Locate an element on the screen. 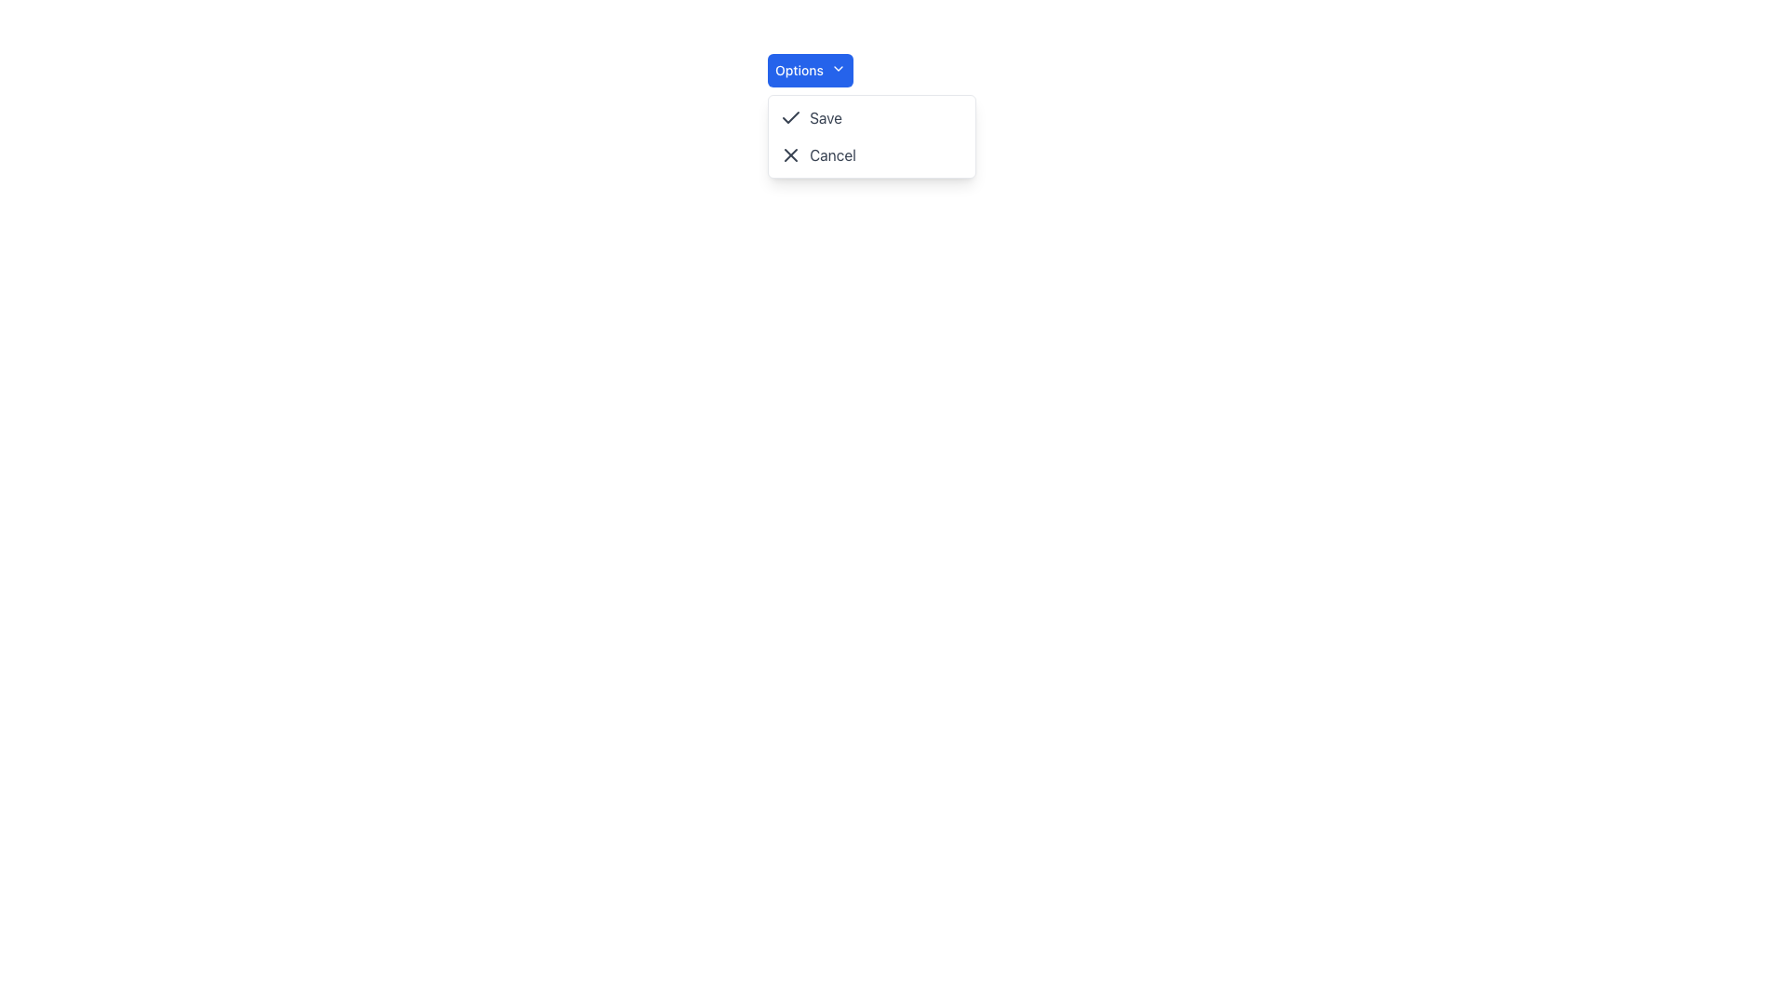  the dropdown trigger button located at the top-left corner of the dropdown menu is located at coordinates (810, 70).